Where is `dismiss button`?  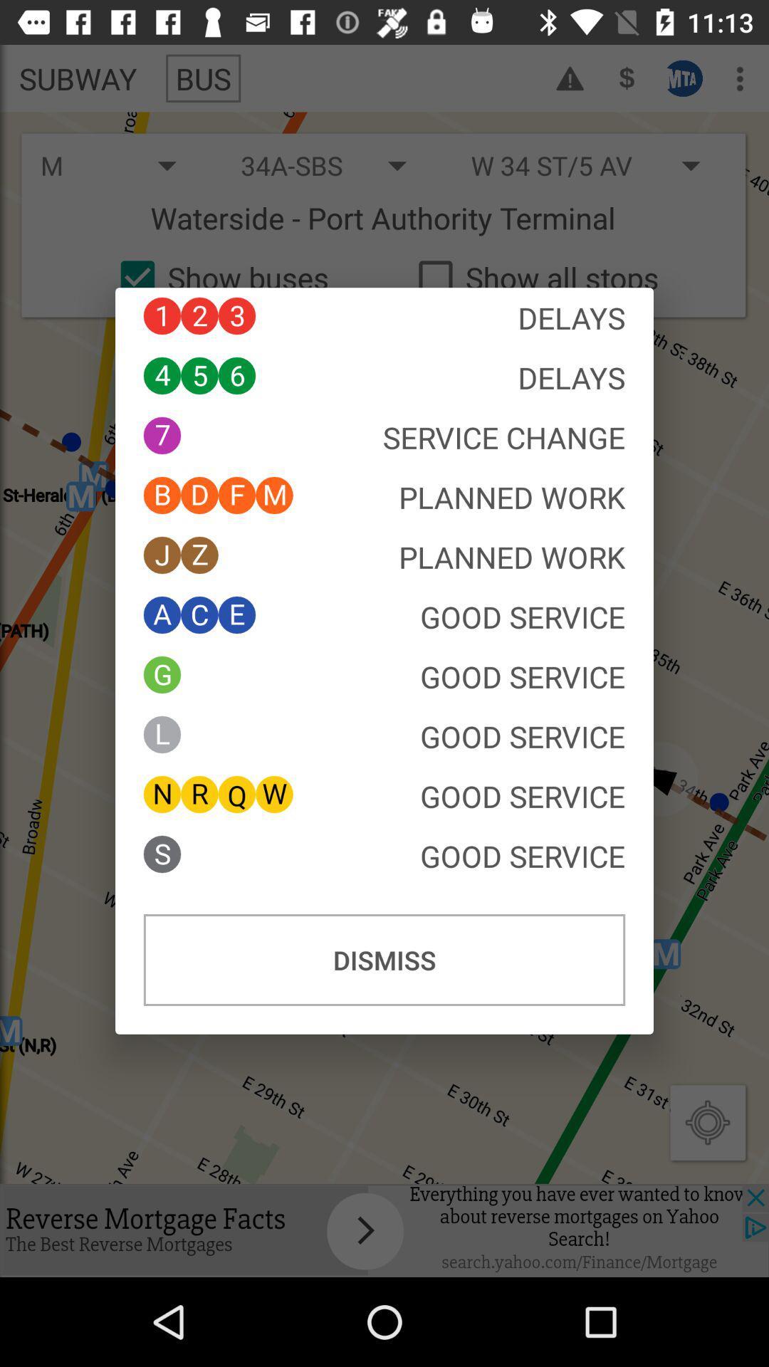
dismiss button is located at coordinates (384, 960).